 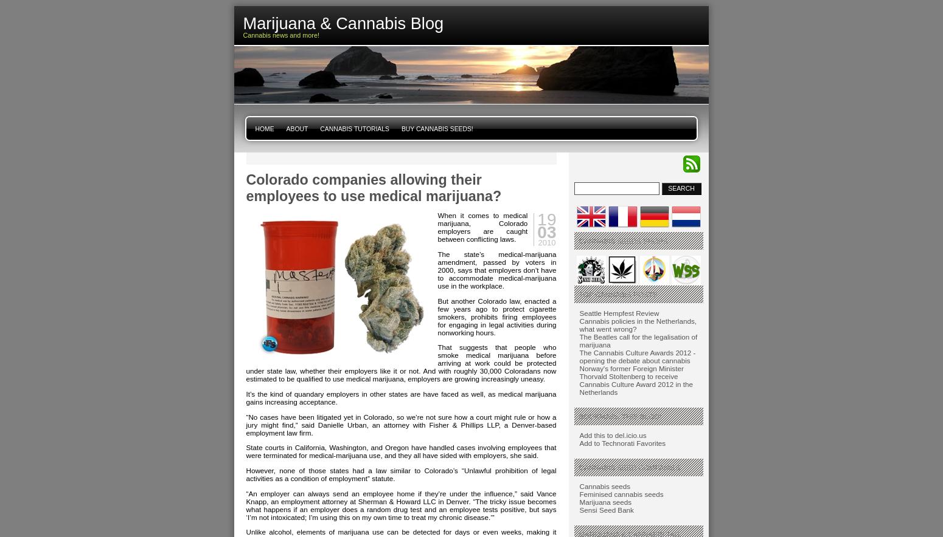 I want to click on 'Seattle Hempfest Review', so click(x=619, y=312).